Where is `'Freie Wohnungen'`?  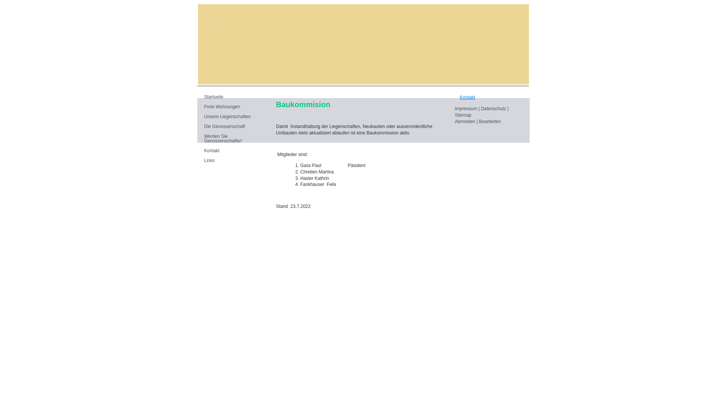 'Freie Wohnungen' is located at coordinates (233, 107).